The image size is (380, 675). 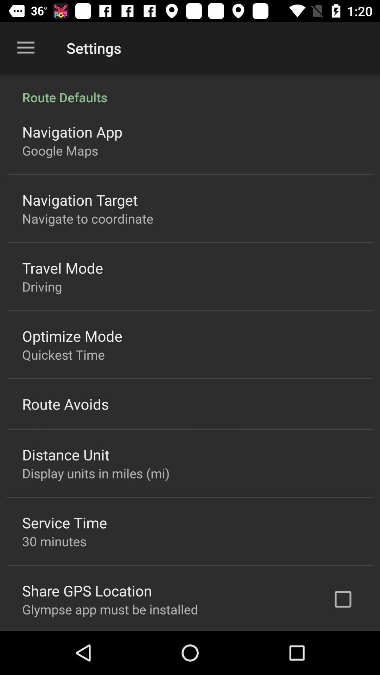 I want to click on the optimize mode, so click(x=72, y=335).